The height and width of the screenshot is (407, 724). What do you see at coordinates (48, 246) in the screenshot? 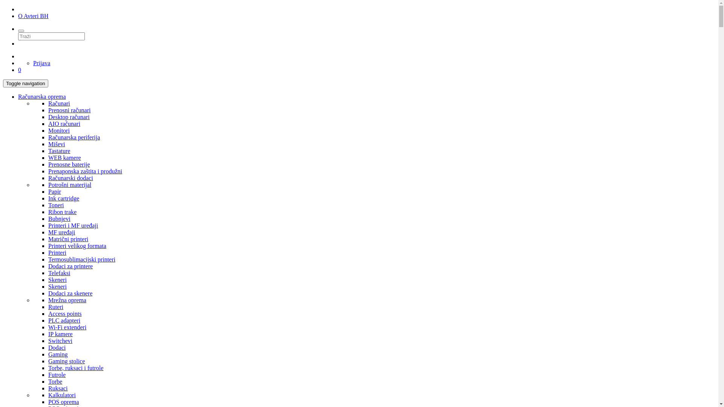
I see `'Printeri velikog formata'` at bounding box center [48, 246].